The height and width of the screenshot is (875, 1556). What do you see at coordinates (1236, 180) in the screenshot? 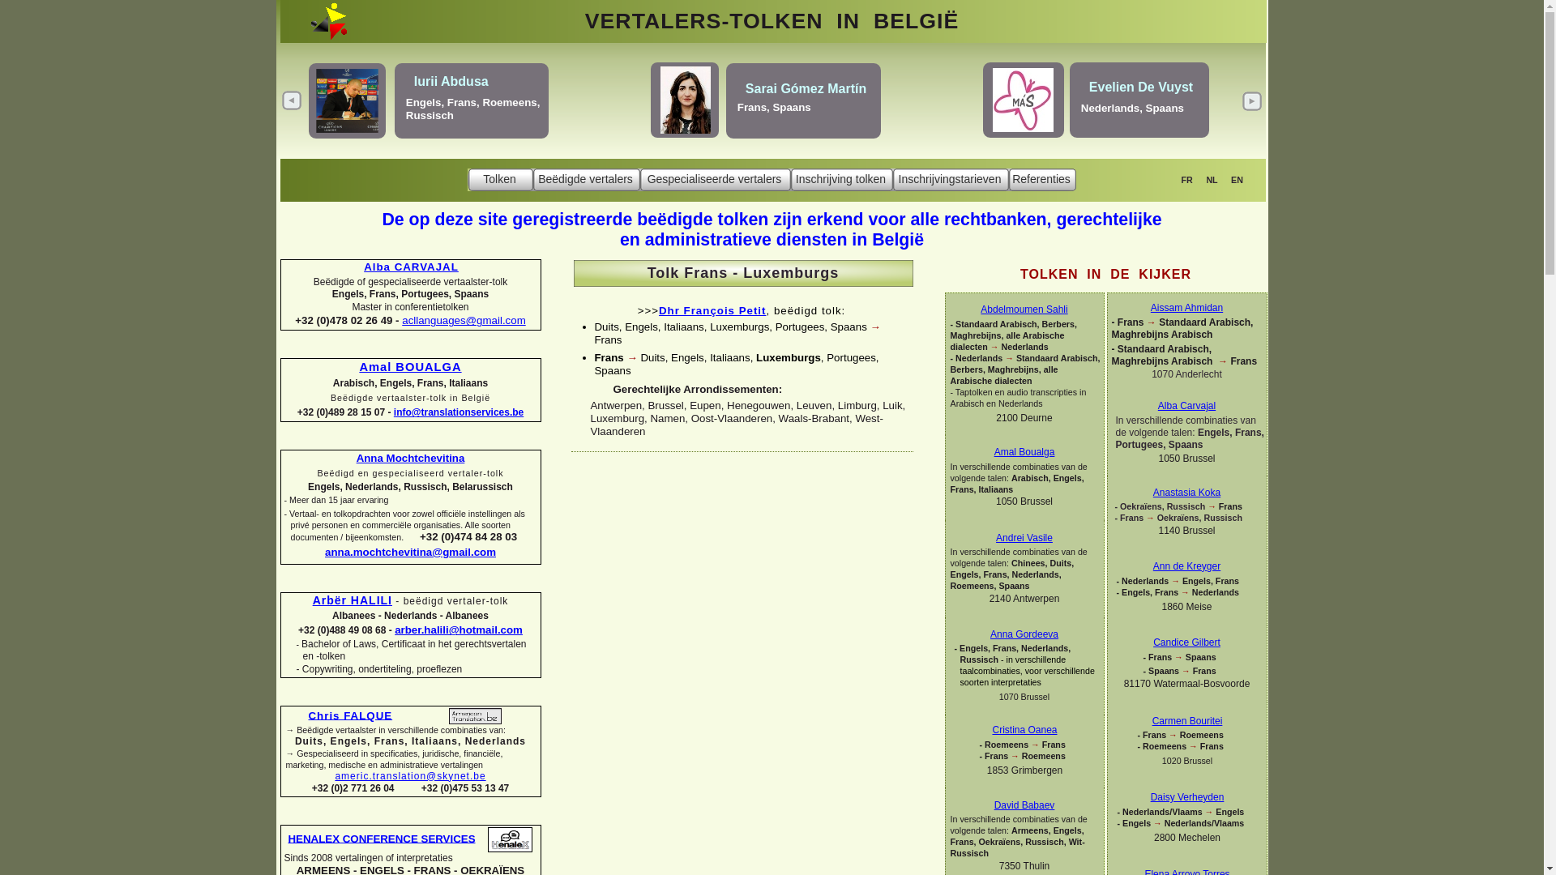
I see `'EN'` at bounding box center [1236, 180].